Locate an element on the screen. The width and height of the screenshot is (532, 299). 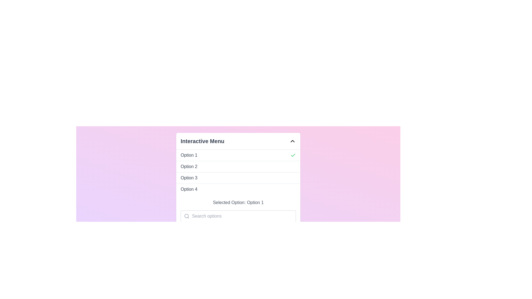
the third item is located at coordinates (238, 178).